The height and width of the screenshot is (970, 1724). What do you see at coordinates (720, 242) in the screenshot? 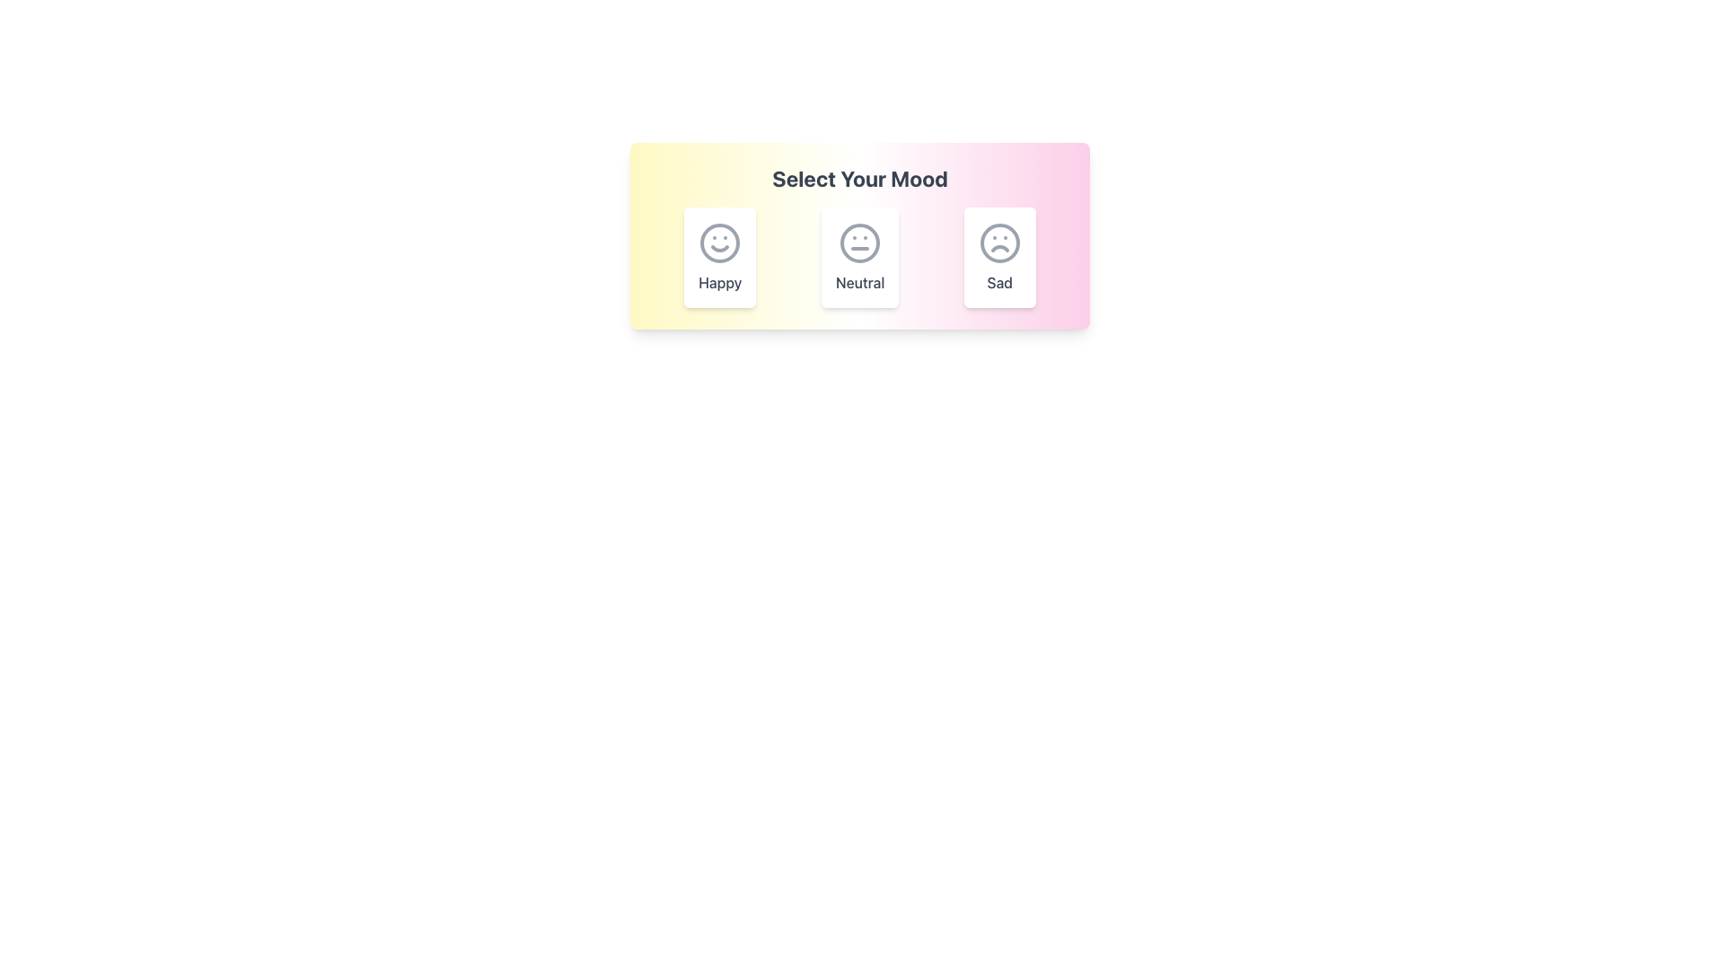
I see `the SVG Circle that forms the circular outline around the smiley face icon in the 'Happy' option` at bounding box center [720, 242].